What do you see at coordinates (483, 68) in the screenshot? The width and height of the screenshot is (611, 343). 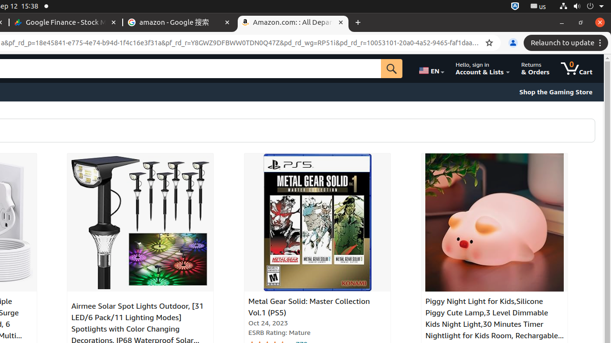 I see `'Hello, sign in Account & Lists'` at bounding box center [483, 68].